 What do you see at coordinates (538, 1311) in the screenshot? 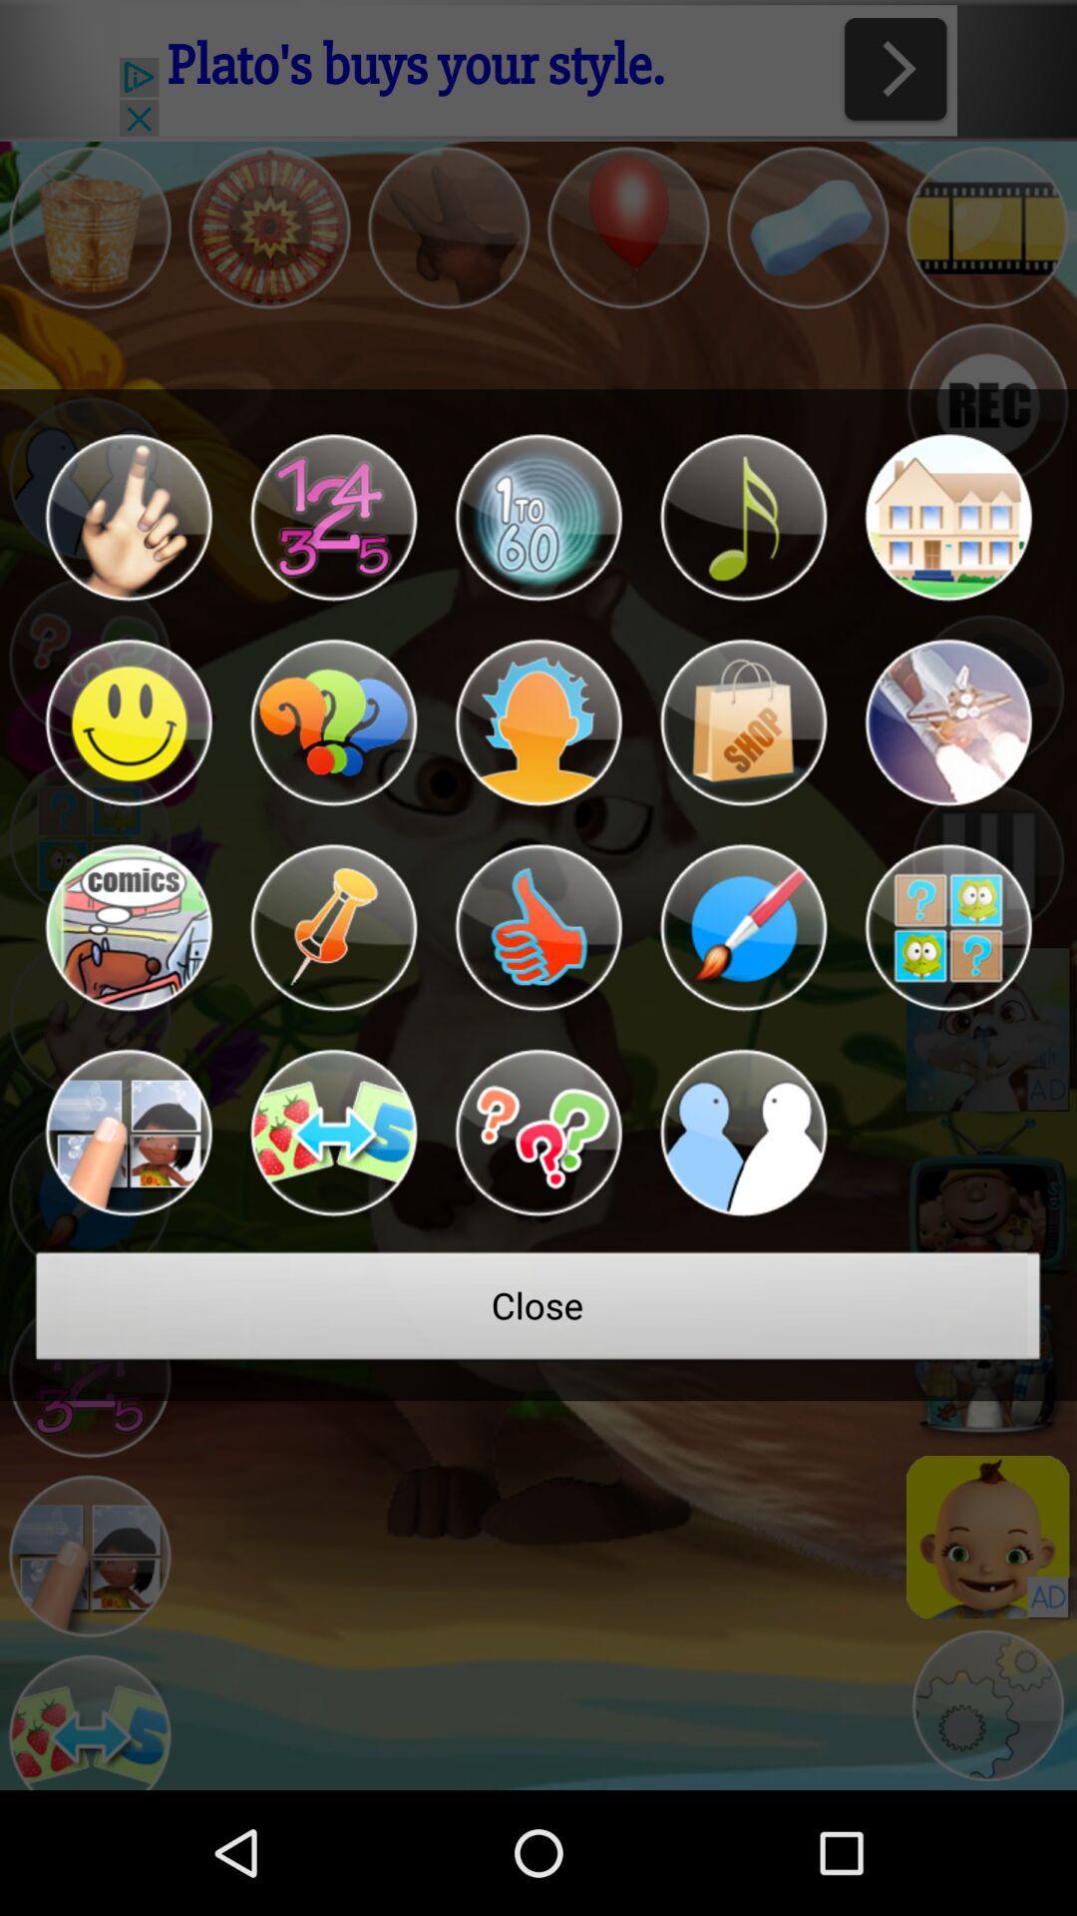
I see `the close icon` at bounding box center [538, 1311].